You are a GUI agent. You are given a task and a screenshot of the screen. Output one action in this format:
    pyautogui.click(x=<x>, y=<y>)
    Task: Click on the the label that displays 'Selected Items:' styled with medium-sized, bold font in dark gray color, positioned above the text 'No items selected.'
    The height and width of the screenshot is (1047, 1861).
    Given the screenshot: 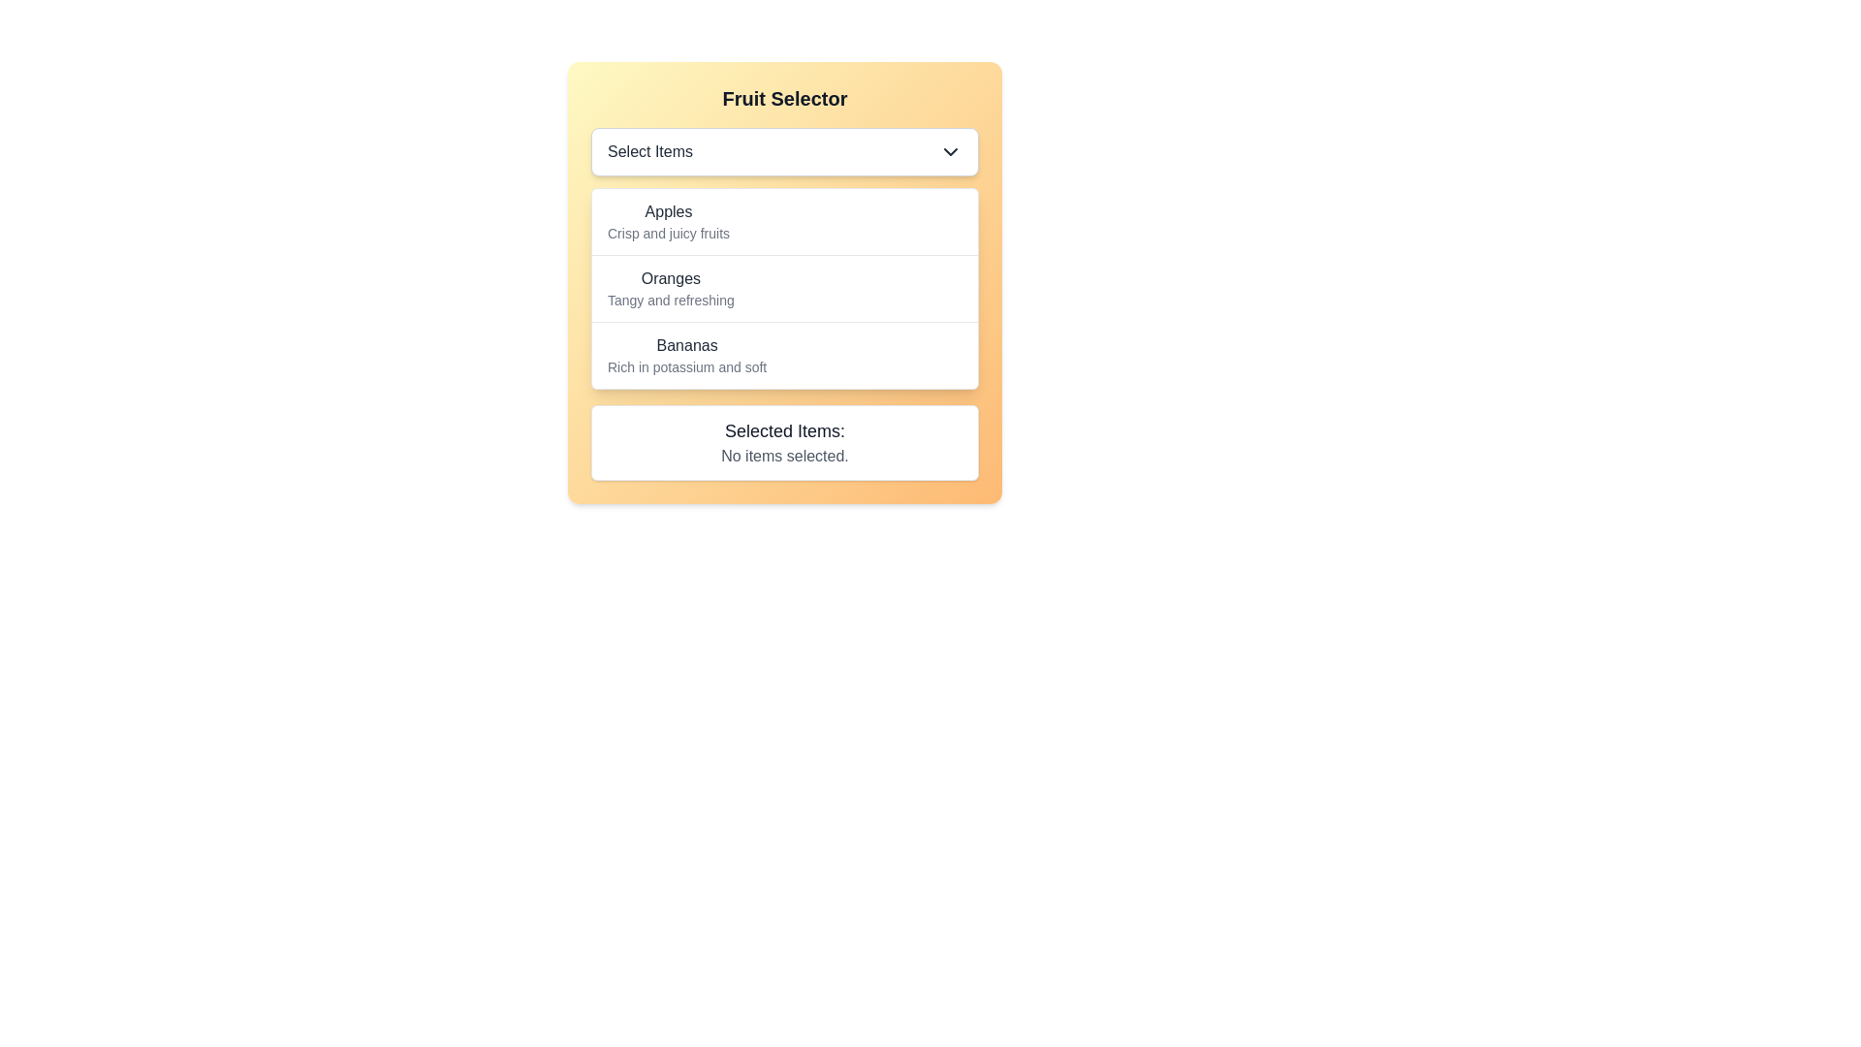 What is the action you would take?
    pyautogui.click(x=785, y=429)
    